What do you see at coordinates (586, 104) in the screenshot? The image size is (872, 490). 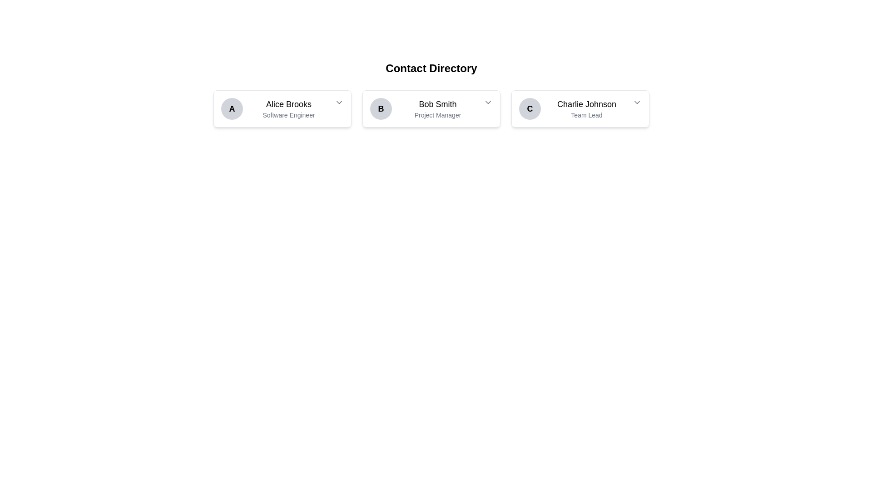 I see `the Text label displaying the name 'C Charlie Johnson' in the third interactive card from the left, which provides identification information` at bounding box center [586, 104].